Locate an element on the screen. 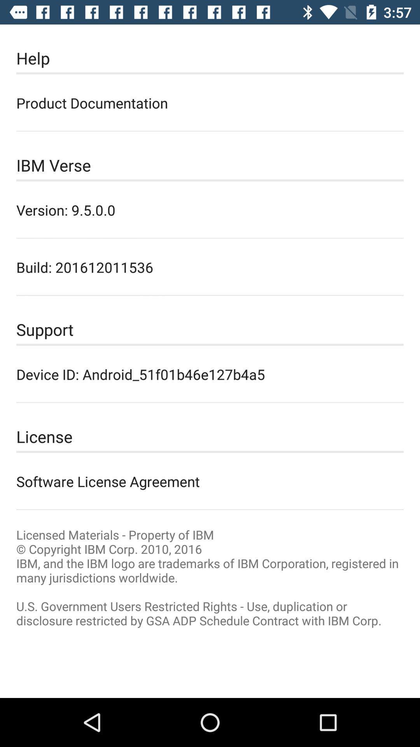  the software license agreement icon is located at coordinates (210, 481).